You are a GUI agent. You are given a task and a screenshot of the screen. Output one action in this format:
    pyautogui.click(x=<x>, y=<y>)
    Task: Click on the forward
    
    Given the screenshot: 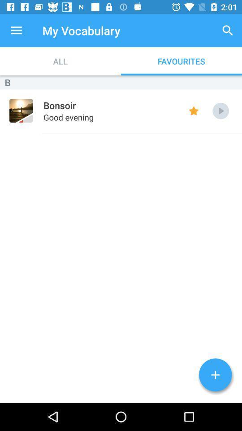 What is the action you would take?
    pyautogui.click(x=220, y=110)
    